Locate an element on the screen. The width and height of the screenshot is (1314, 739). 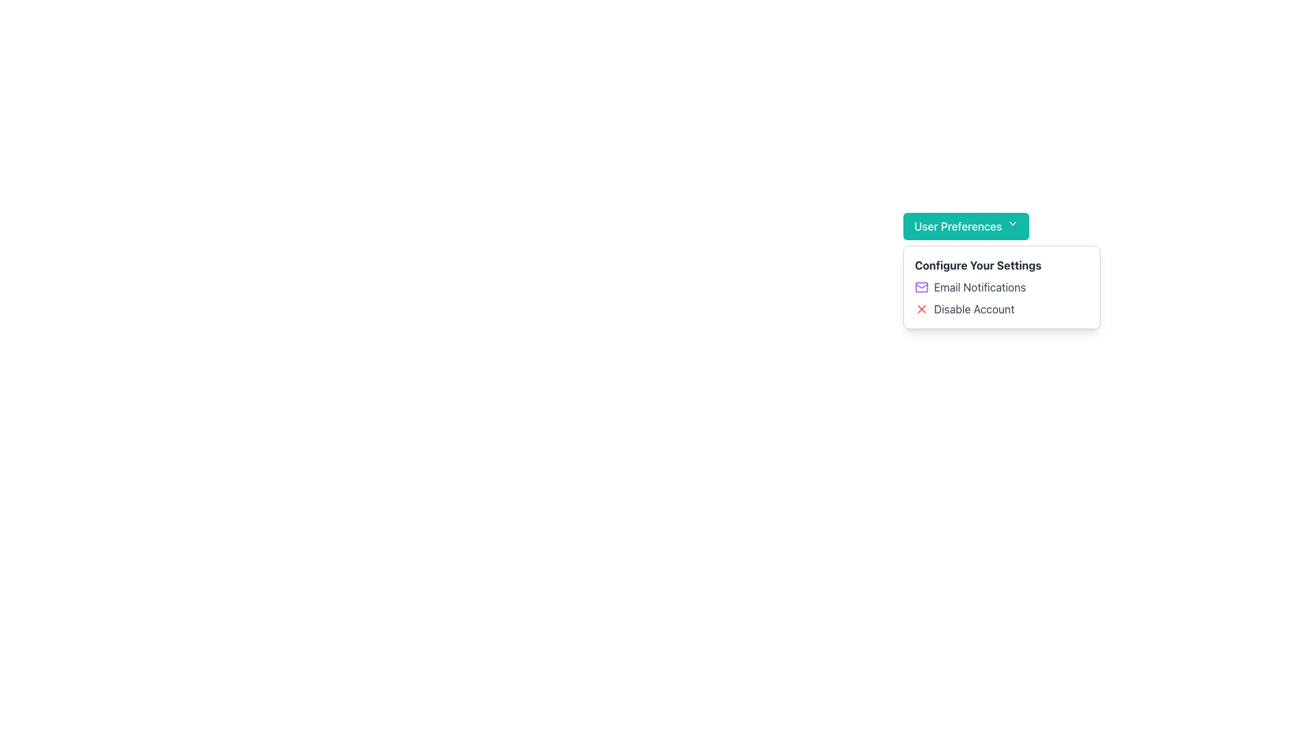
the options in the dropdown menu titled 'Configure Your Settings' which contains 'Email Notifications' and 'Disable Account' is located at coordinates (1001, 287).